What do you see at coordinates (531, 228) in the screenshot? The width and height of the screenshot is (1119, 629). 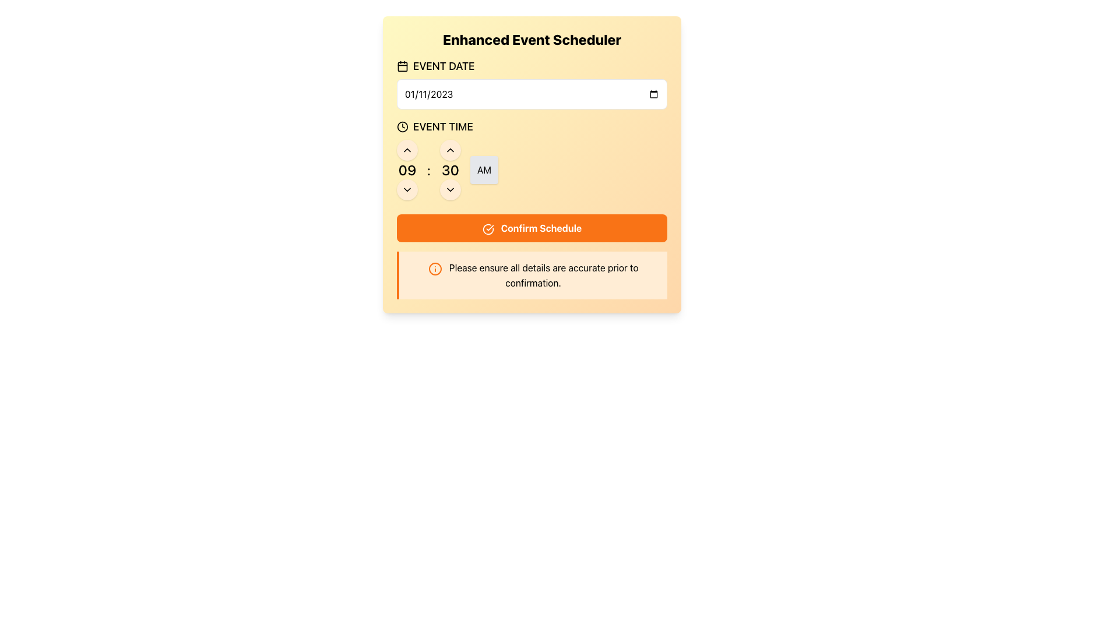 I see `the confirm button located in the 'Enhanced Event Scheduler' section to finalize the scheduling of an event` at bounding box center [531, 228].